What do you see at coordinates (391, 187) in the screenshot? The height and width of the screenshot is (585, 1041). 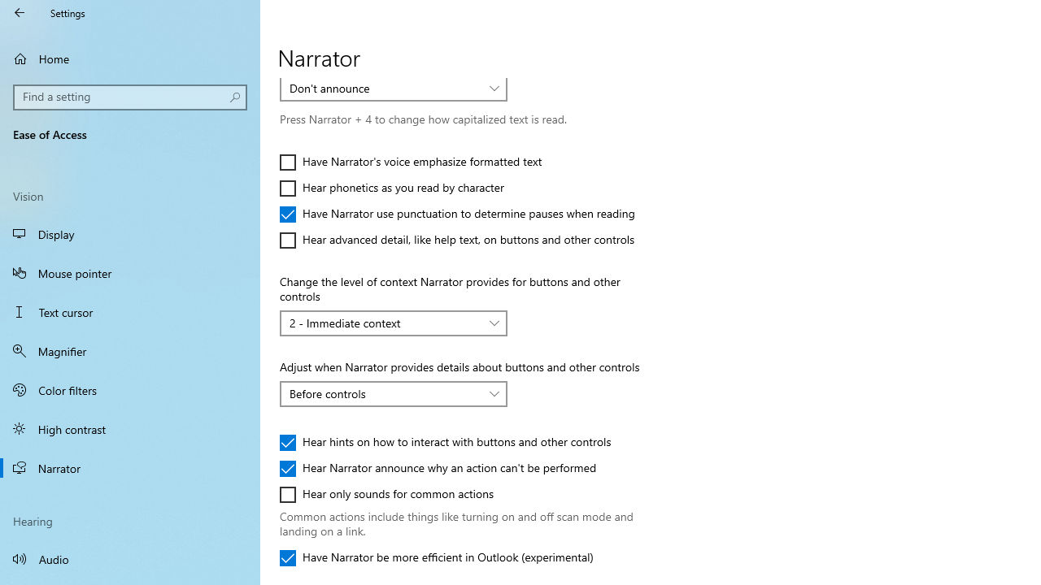 I see `'Hear phonetics as you read by character'` at bounding box center [391, 187].